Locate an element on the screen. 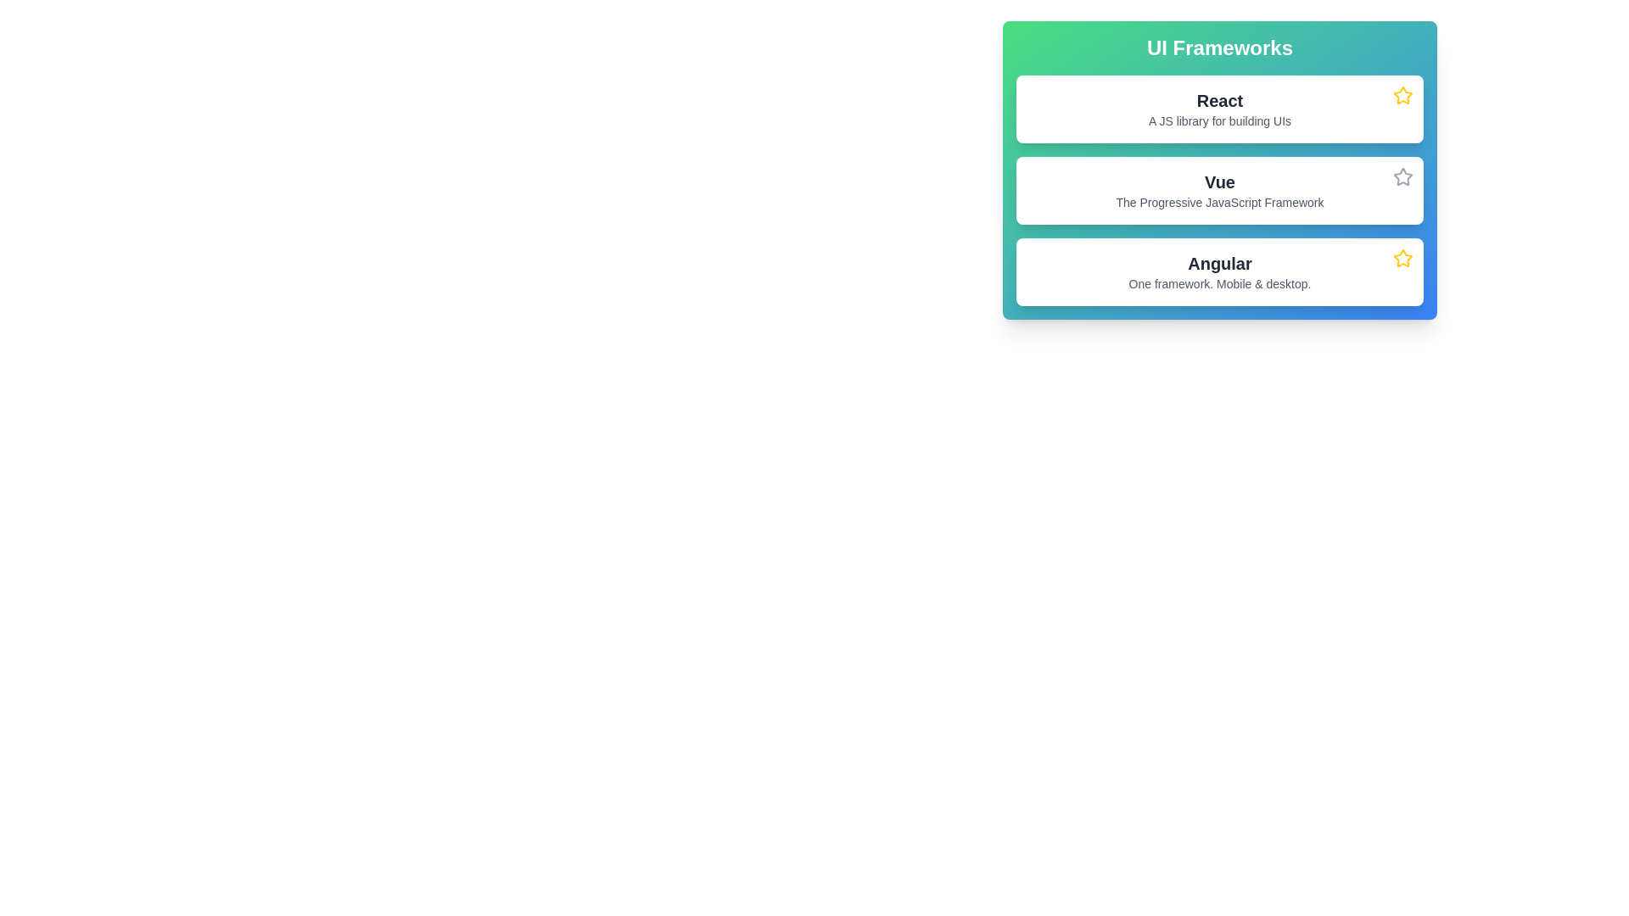 The height and width of the screenshot is (916, 1629). the icon indicating the rating or selection status for the 'Vue' framework, which is located on the far right of the second row is located at coordinates (1403, 176).